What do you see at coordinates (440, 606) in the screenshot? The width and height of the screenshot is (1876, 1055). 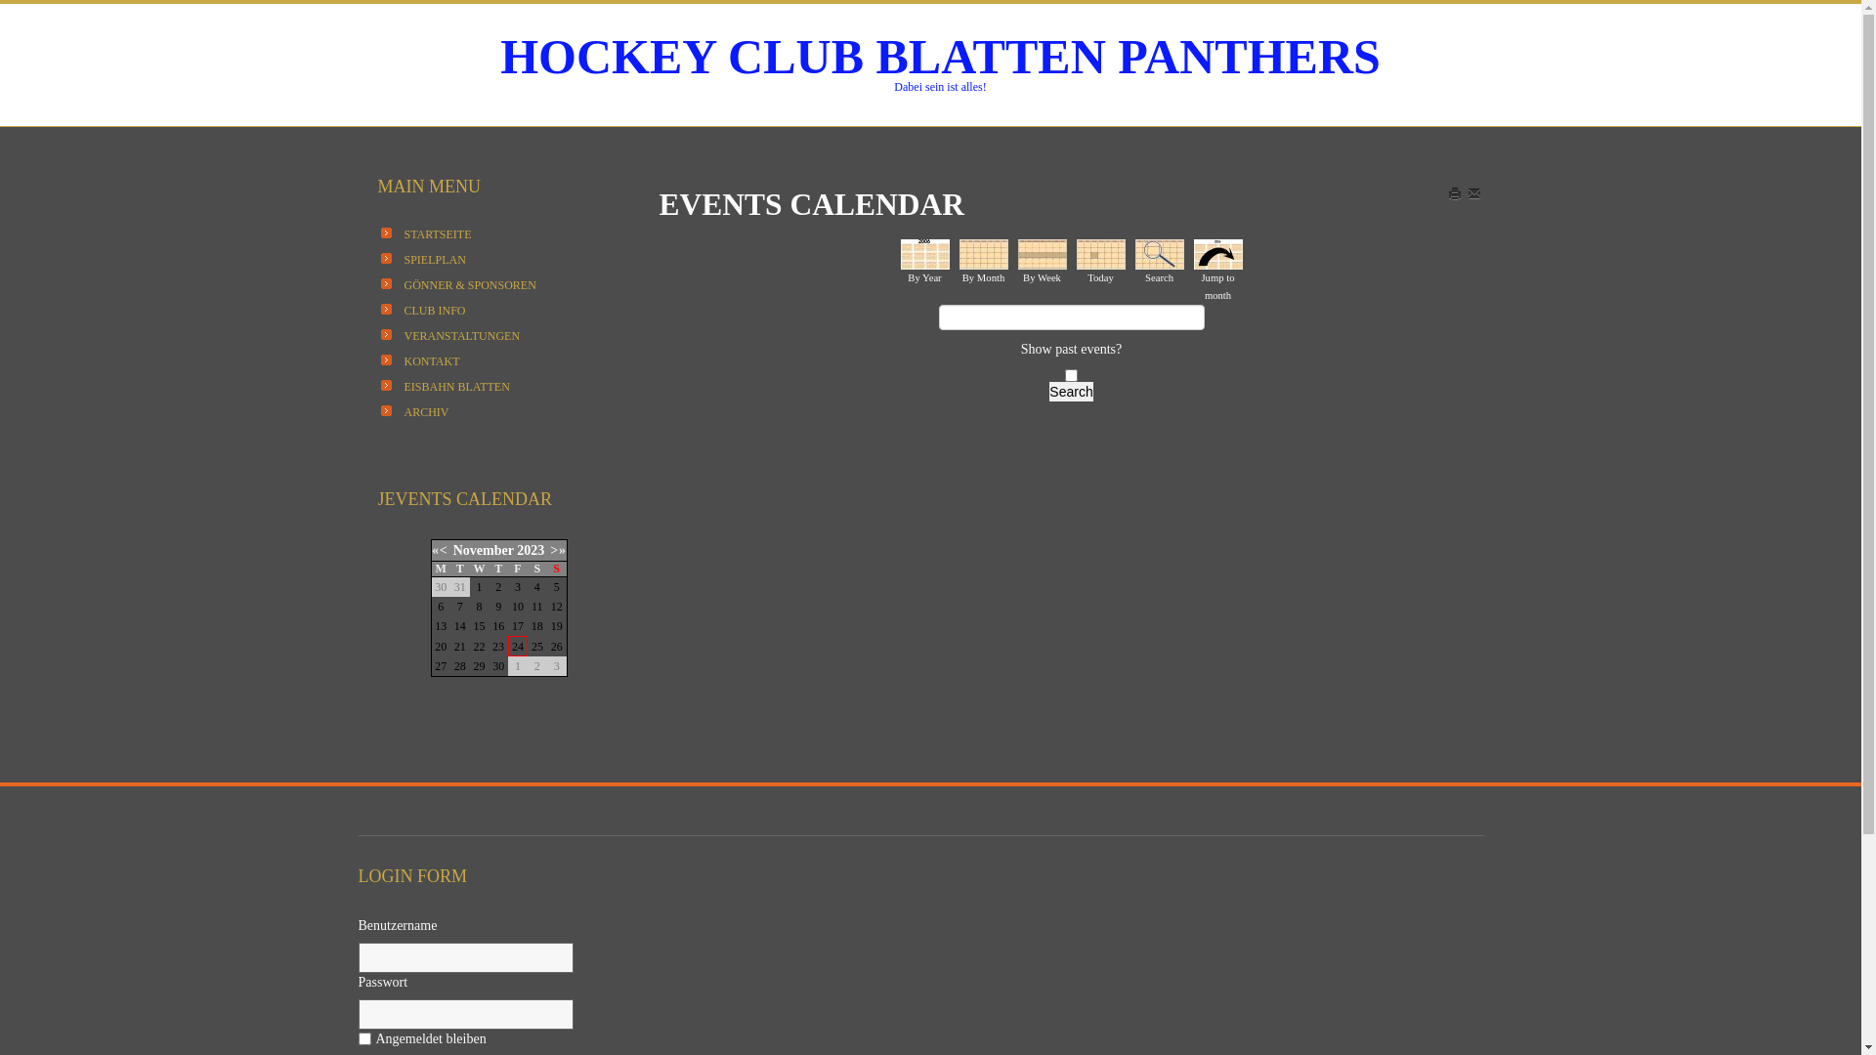 I see `'6'` at bounding box center [440, 606].